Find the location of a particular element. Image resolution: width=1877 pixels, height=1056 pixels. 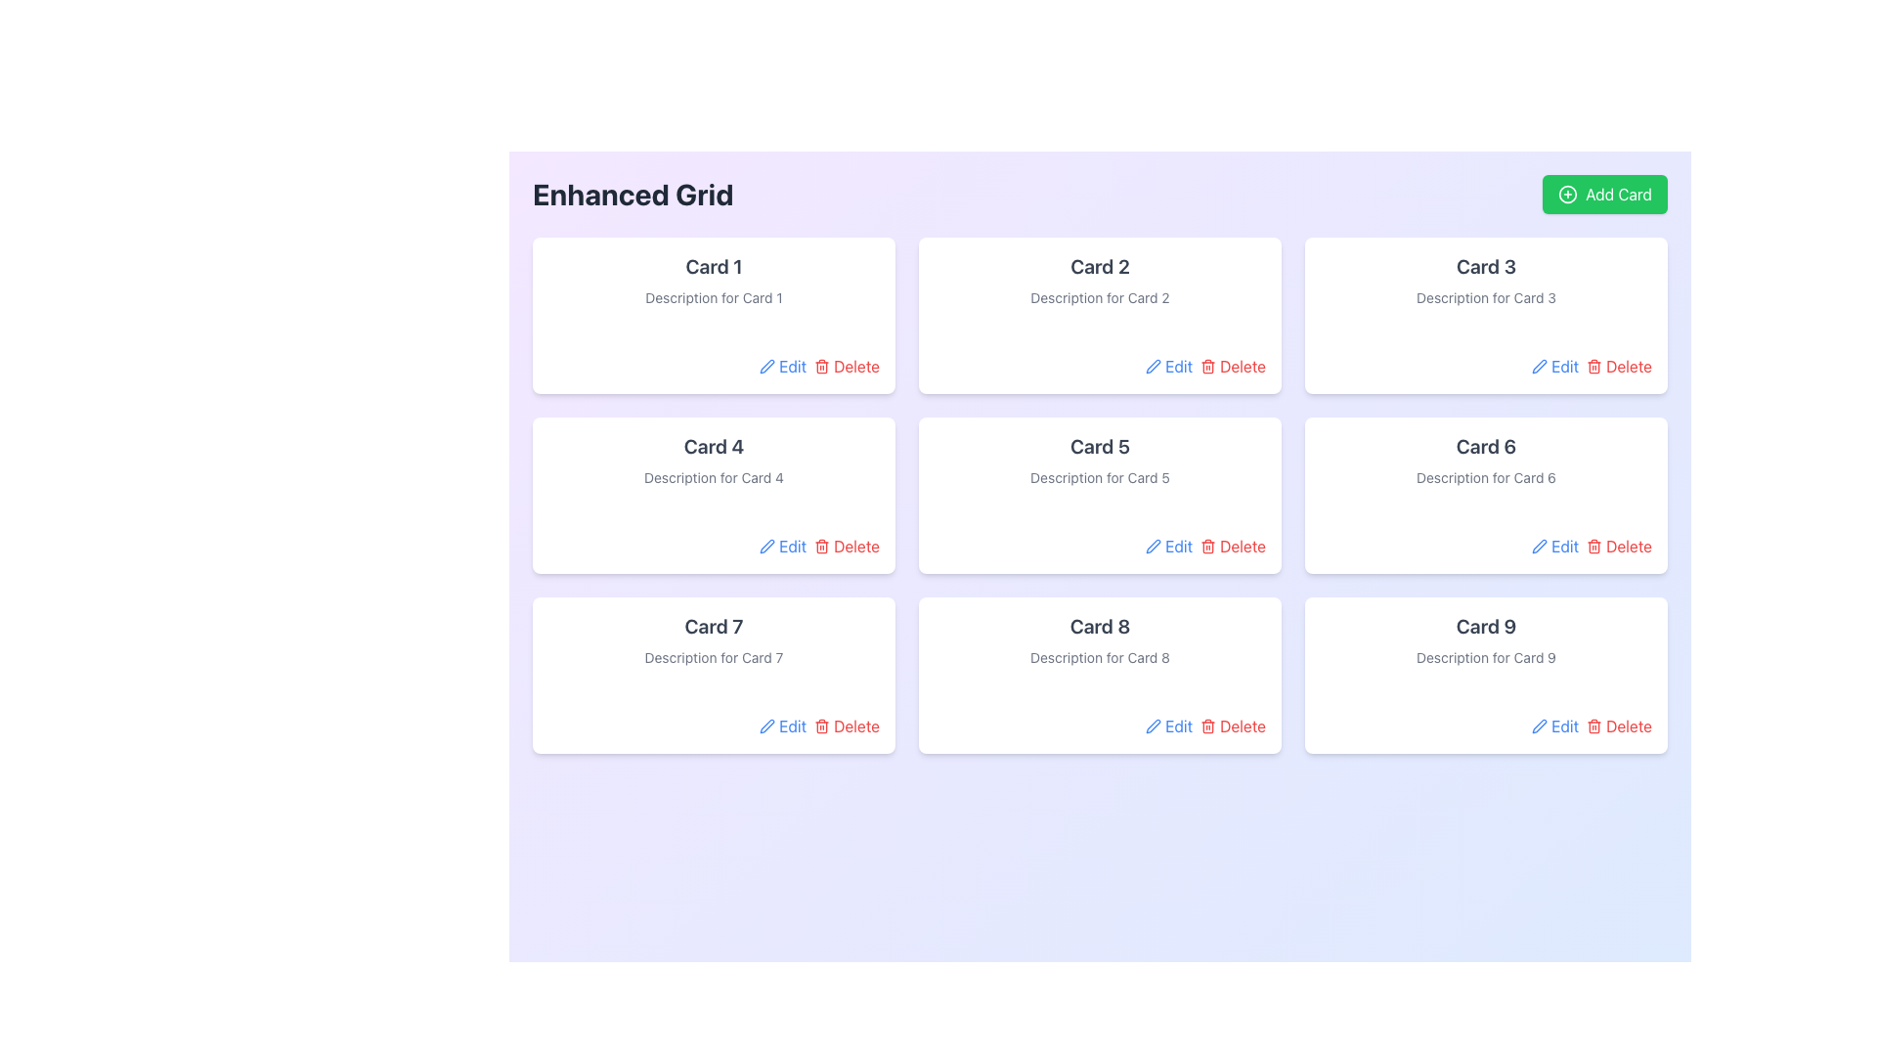

the text block displaying 'Card 3' with the description 'Description for Card 3', located in the first card of the second row in a 3x3 grid layout is located at coordinates (1486, 280).